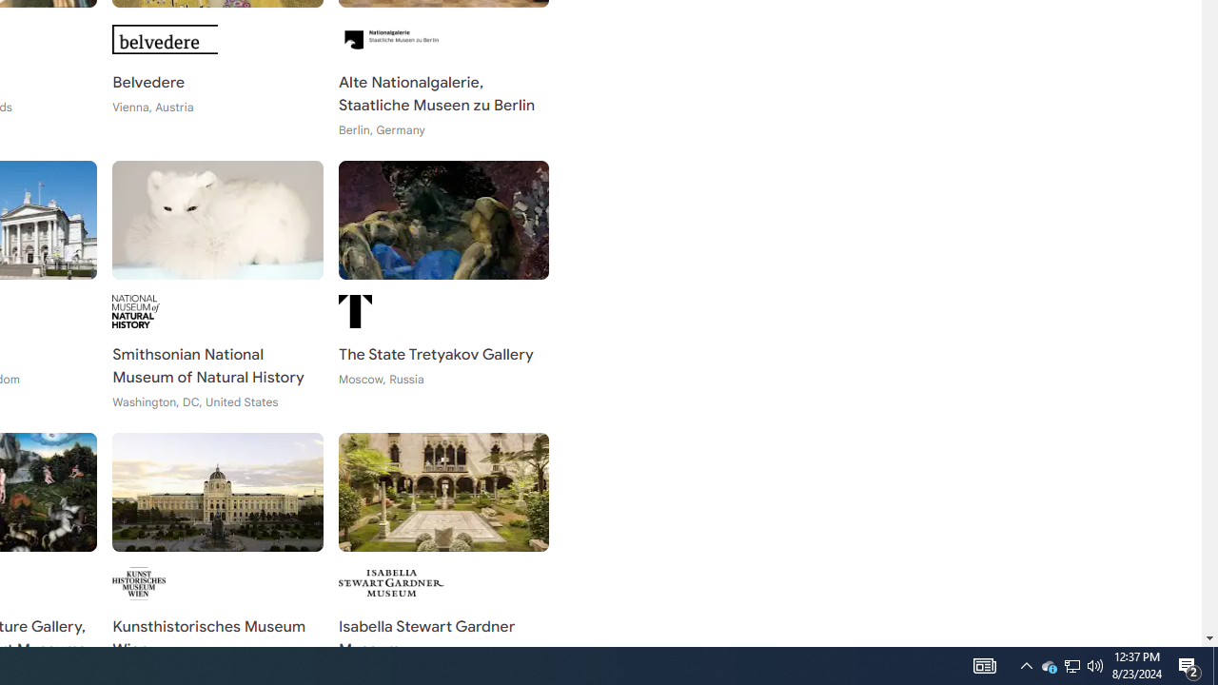 This screenshot has width=1218, height=685. Describe the element at coordinates (442, 285) in the screenshot. I see `'The State Tretyakov Gallery Moscow, Russia'` at that location.